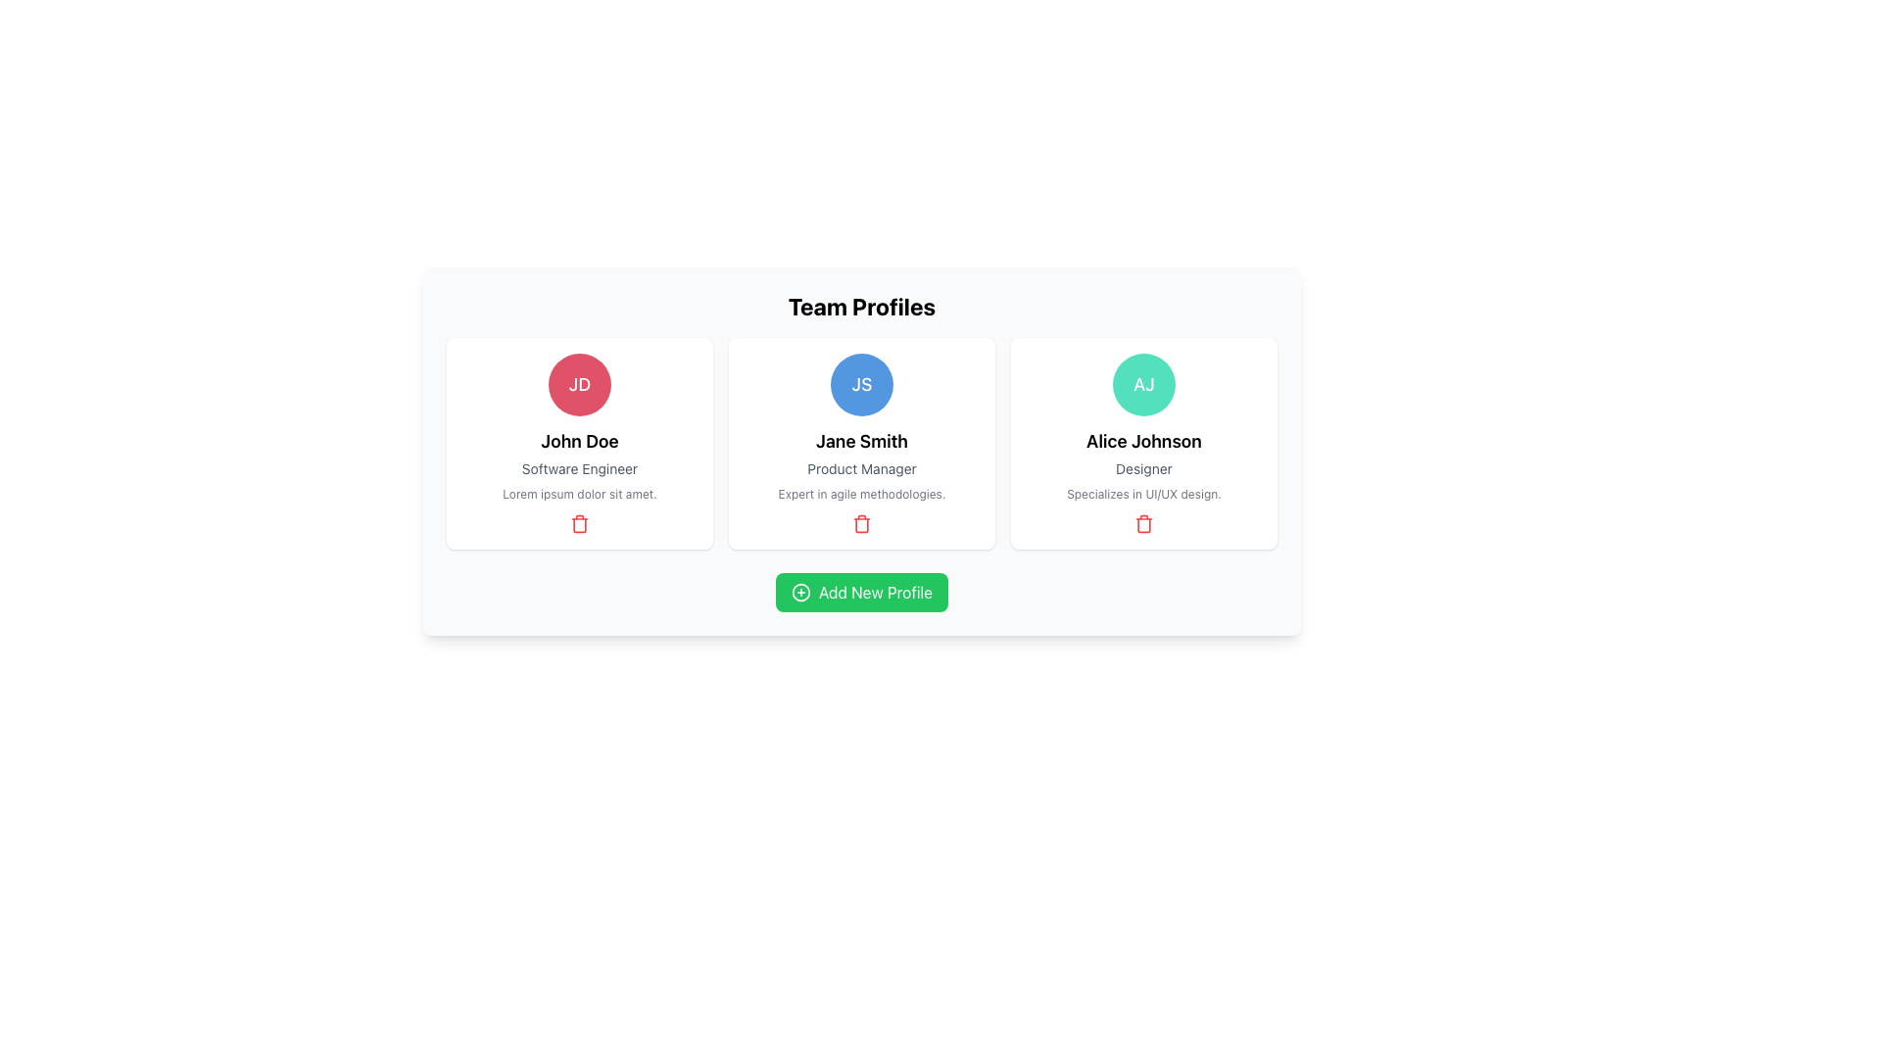 The height and width of the screenshot is (1058, 1881). I want to click on the text element styled in grey that reads 'Software Engineer', located below 'John Doe' in the profile card, so click(578, 468).